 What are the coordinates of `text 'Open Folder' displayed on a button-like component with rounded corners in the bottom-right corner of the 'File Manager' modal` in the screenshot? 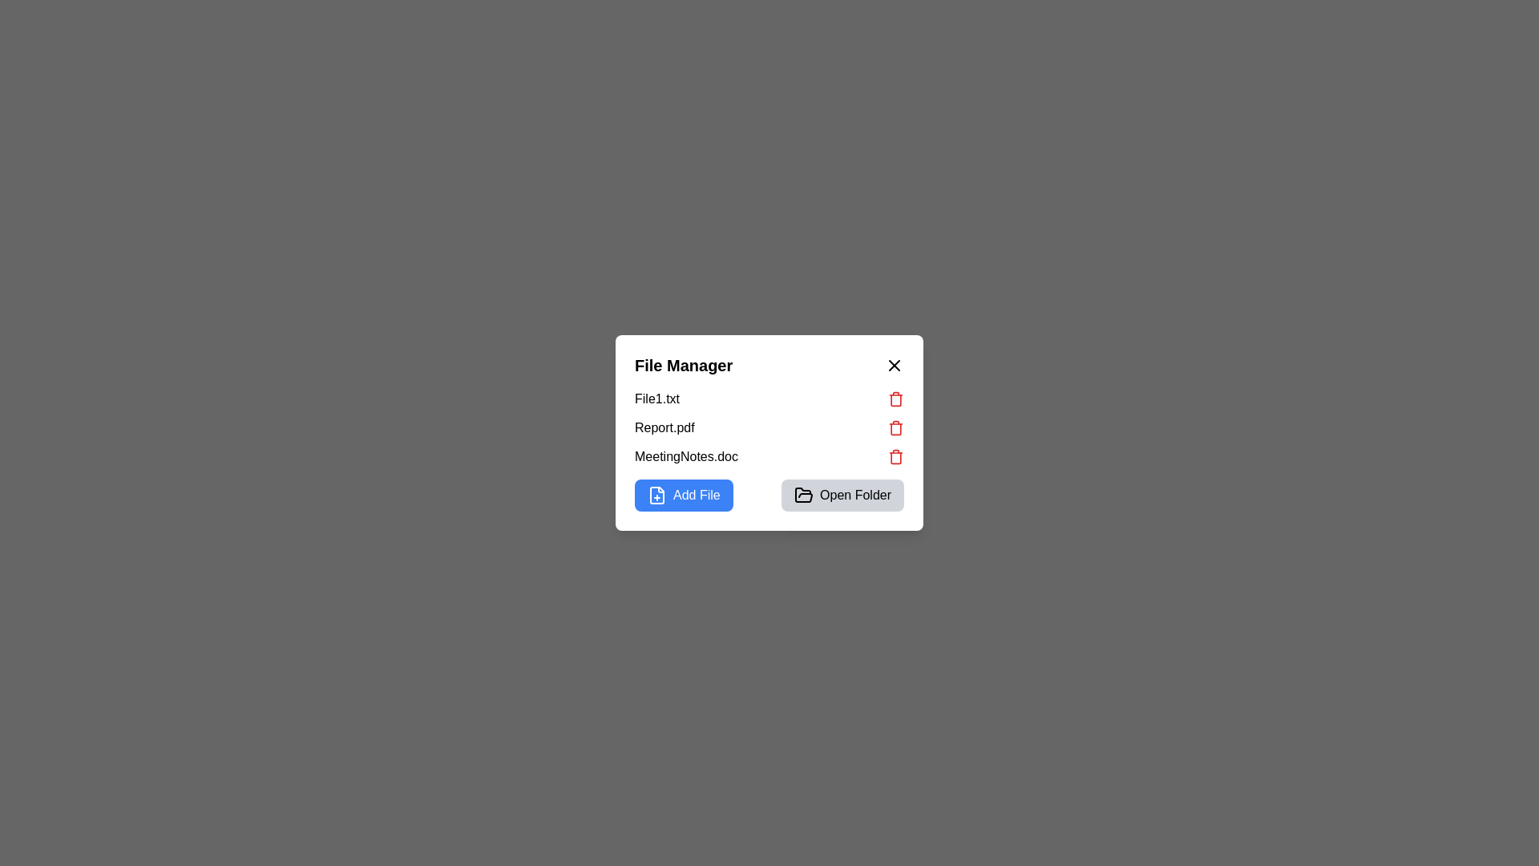 It's located at (854, 494).